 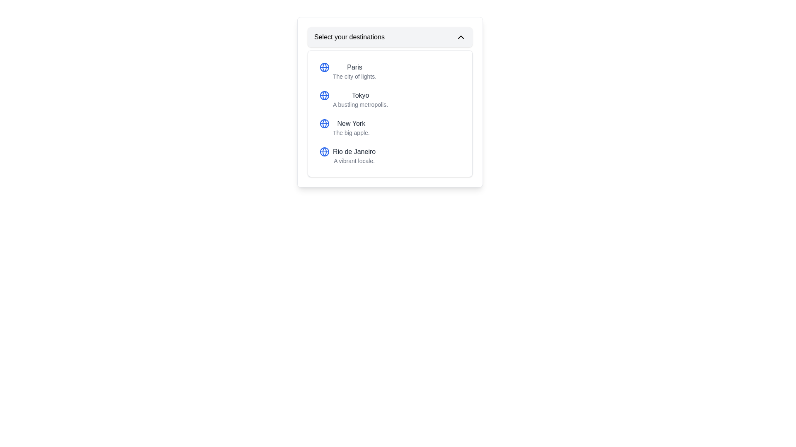 What do you see at coordinates (345, 127) in the screenshot?
I see `the List item displaying 'New York' with a globe icon` at bounding box center [345, 127].